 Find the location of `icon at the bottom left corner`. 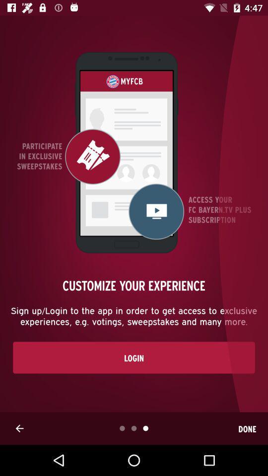

icon at the bottom left corner is located at coordinates (19, 428).